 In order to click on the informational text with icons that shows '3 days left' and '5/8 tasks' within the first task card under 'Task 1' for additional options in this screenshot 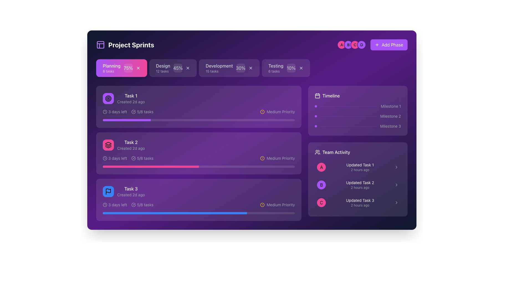, I will do `click(128, 112)`.